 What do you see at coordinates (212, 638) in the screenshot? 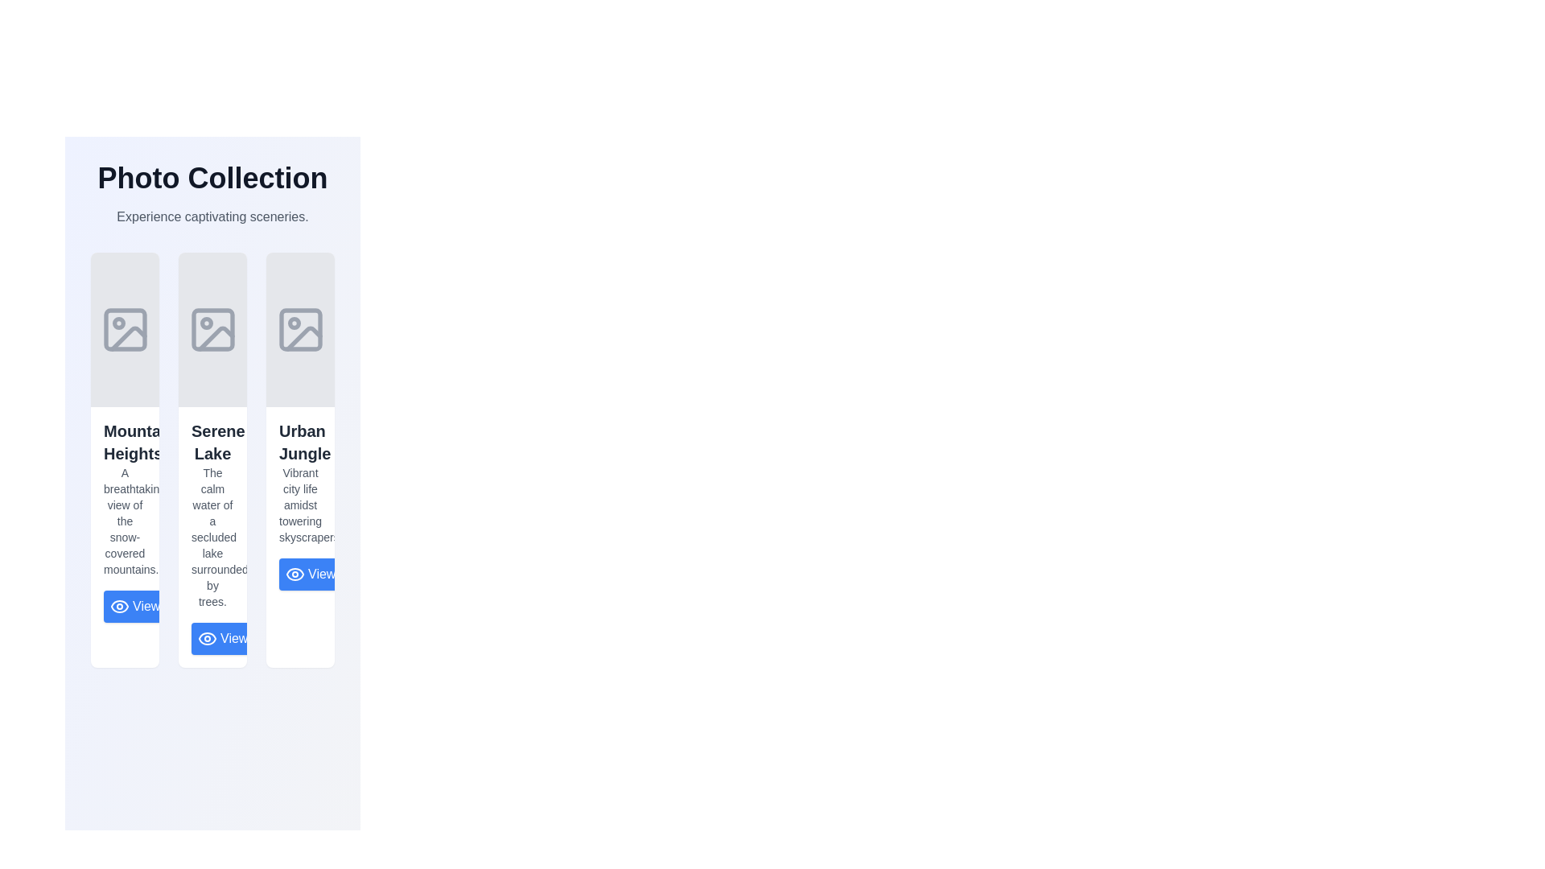
I see `the 'View' button with a blue background and white text, located at the lower section of the 'Serene Lake' card to change its background color` at bounding box center [212, 638].